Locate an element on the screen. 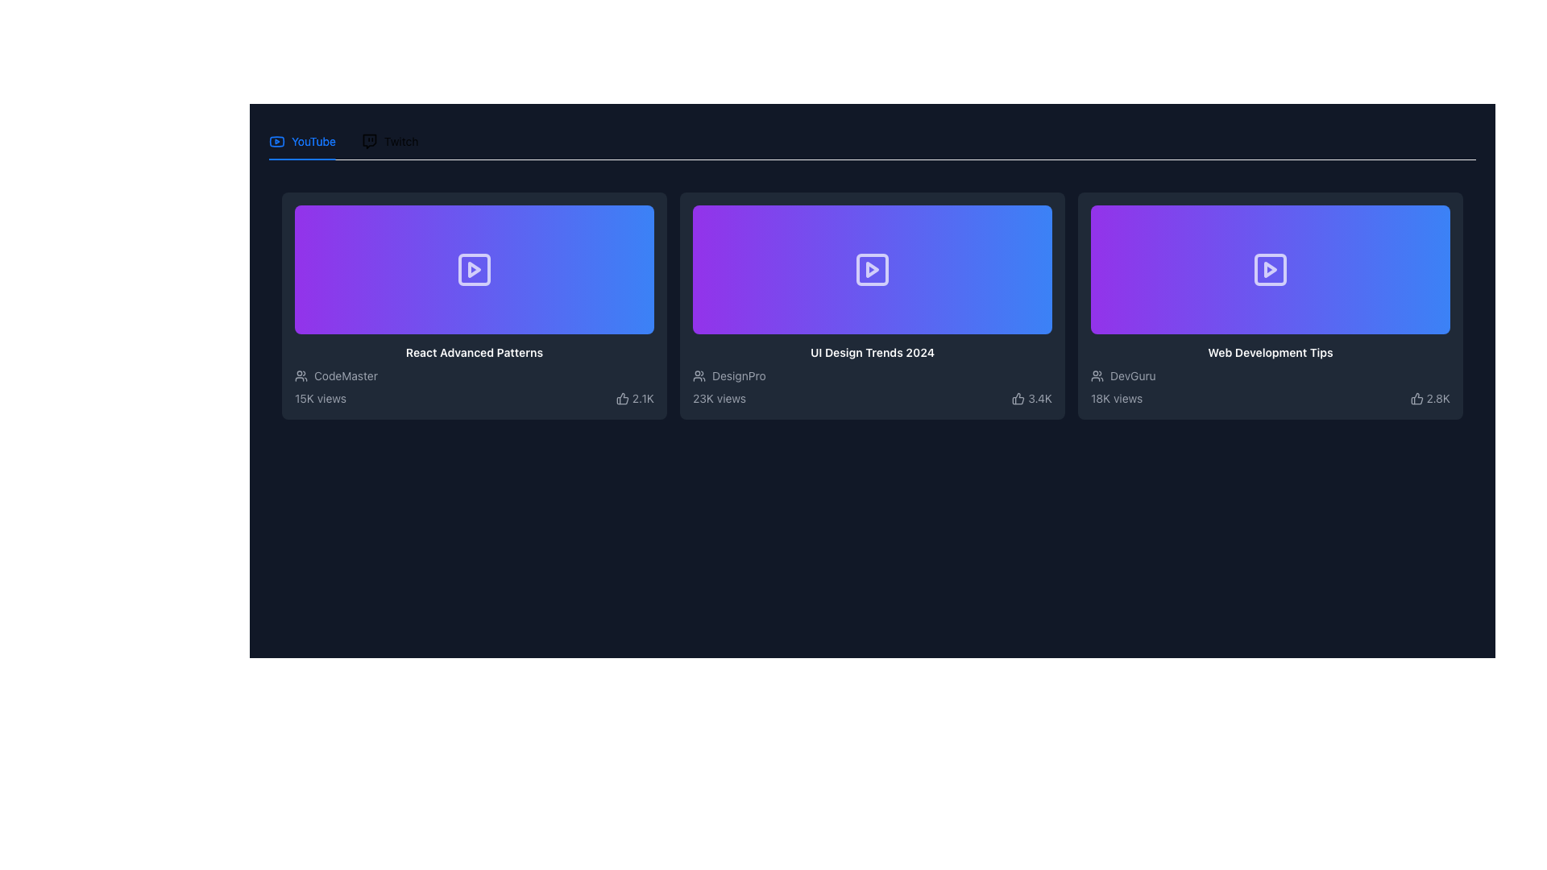  the 'play' icon located at the center of the thumbnail card for the 'Web Development Tips' section, which indicates that clicking it will initiate media playback is located at coordinates (1270, 269).